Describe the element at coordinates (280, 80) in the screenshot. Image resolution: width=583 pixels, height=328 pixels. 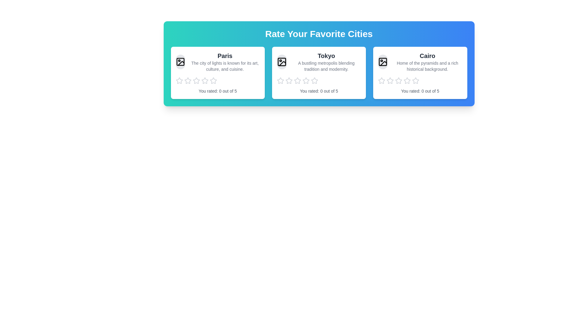
I see `the first star icon in the row of five rating stars to assign a one-star rating for Tokyo` at that location.